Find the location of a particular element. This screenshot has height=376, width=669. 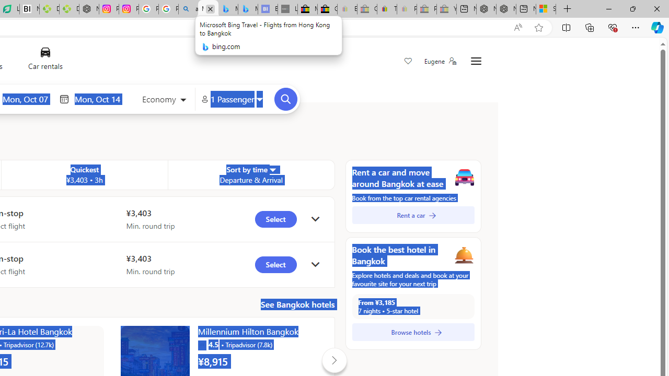

'Nordace - Summer Adventures 2024' is located at coordinates (506, 9).